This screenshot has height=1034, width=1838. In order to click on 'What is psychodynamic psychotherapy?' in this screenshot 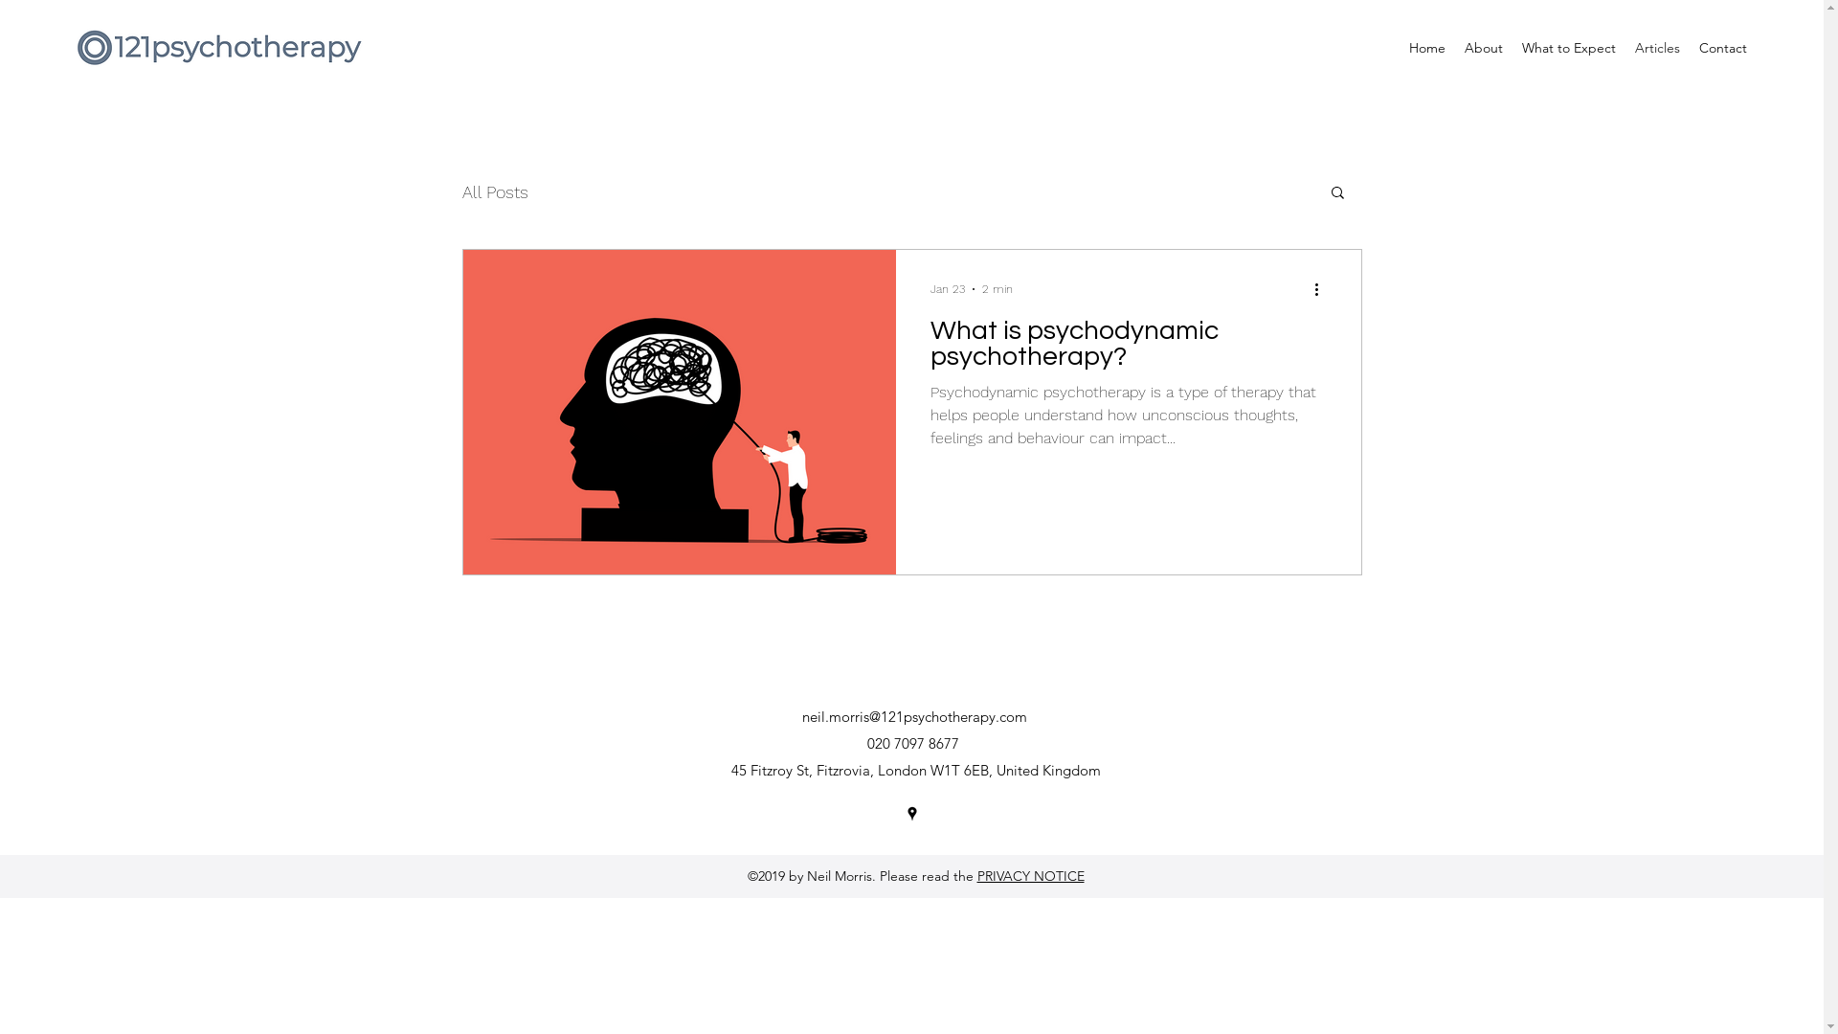, I will do `click(930, 348)`.